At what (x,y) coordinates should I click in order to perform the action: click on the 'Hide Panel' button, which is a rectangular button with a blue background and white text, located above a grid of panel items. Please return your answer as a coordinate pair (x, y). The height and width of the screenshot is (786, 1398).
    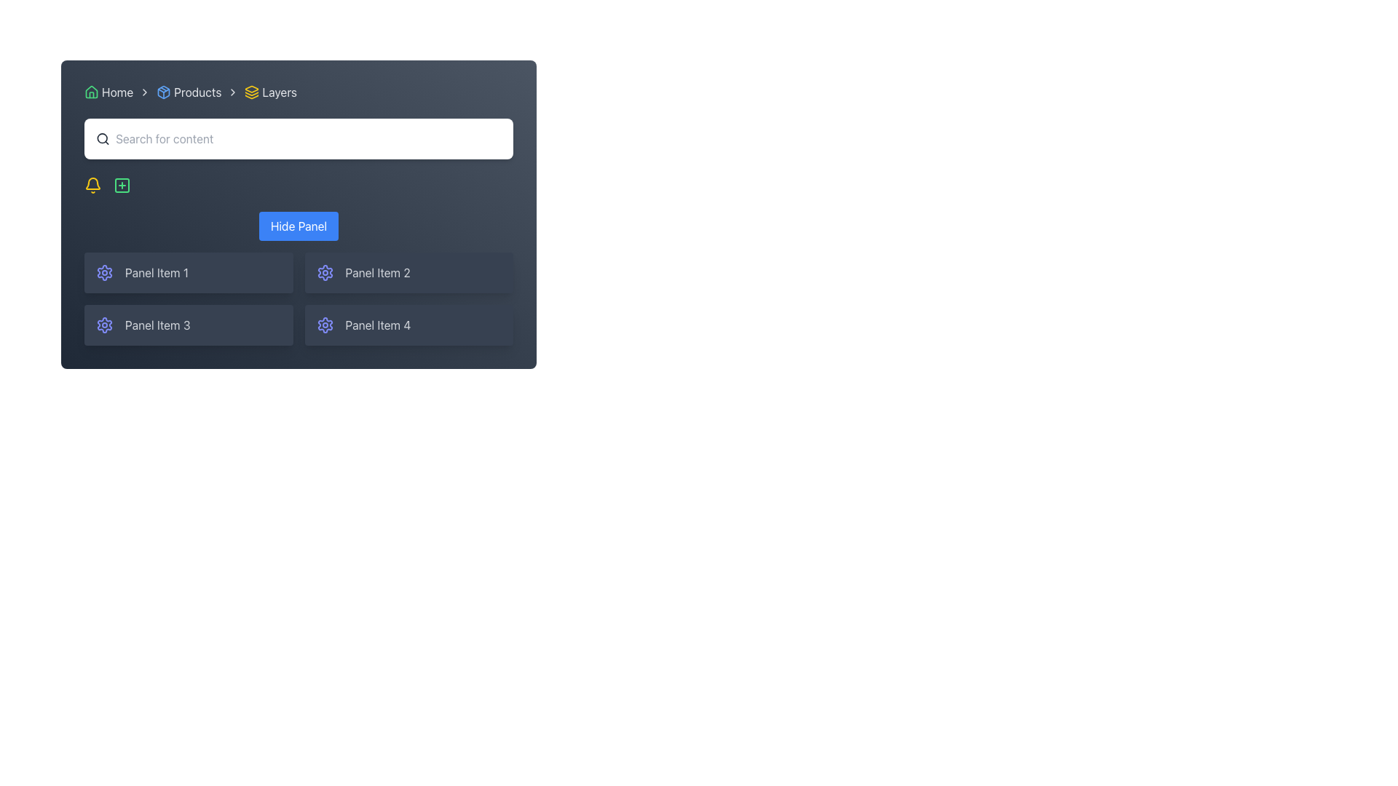
    Looking at the image, I should click on (298, 226).